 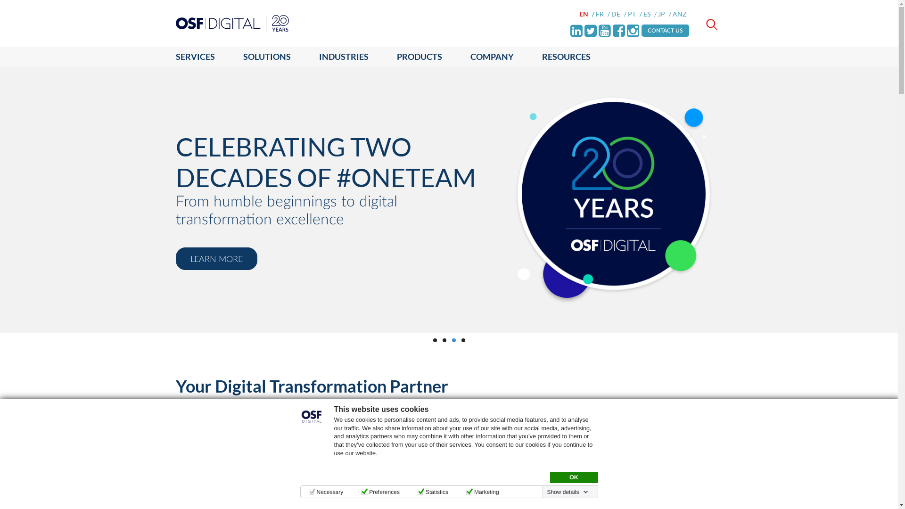 I want to click on 'JP', so click(x=664, y=14).